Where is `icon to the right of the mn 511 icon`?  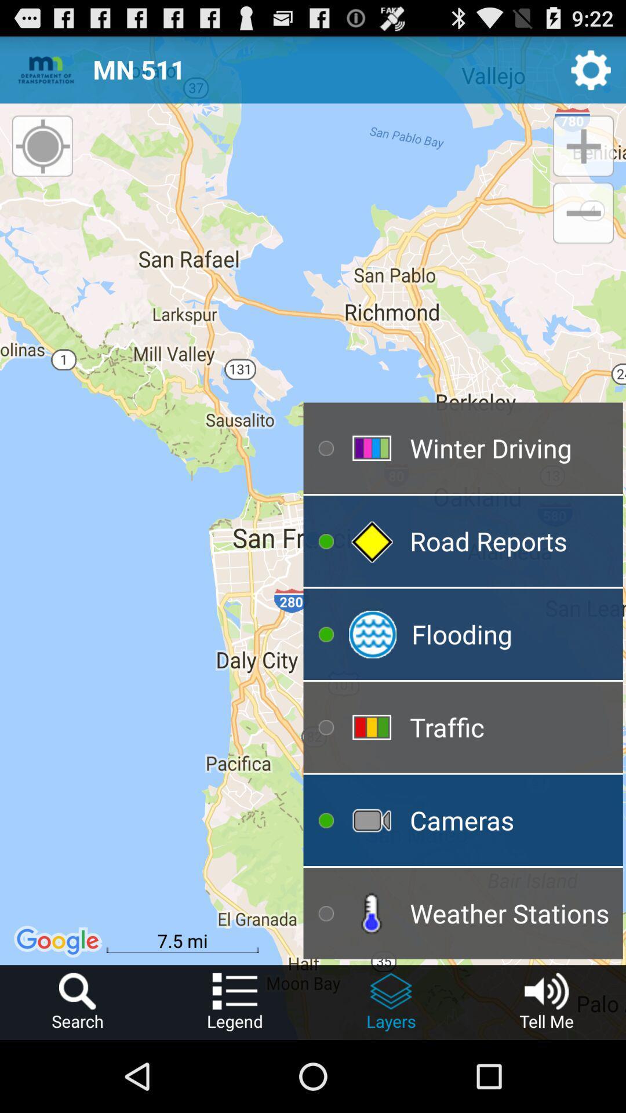
icon to the right of the mn 511 icon is located at coordinates (591, 69).